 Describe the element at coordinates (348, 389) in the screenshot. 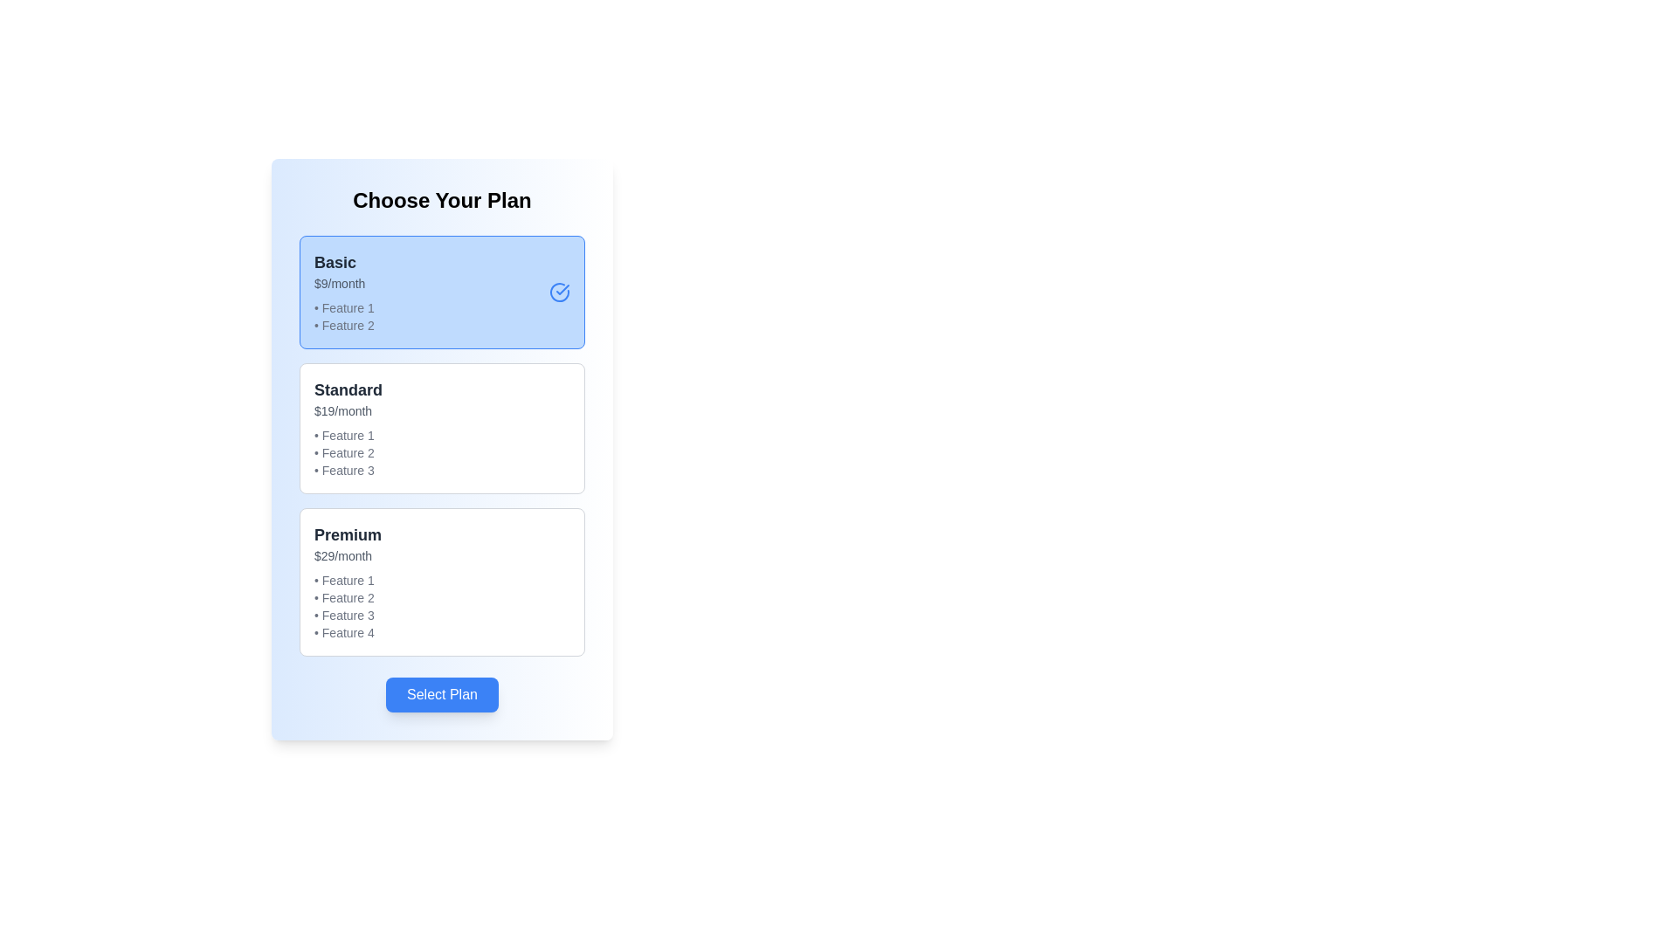

I see `the 'Standard' text label, which serves as a title in the second pricing card, positioned above the '$19/month' text` at that location.